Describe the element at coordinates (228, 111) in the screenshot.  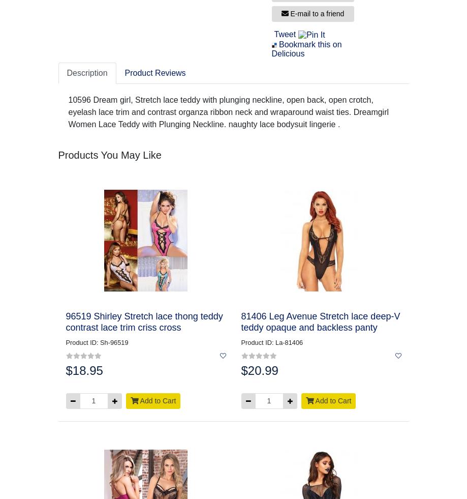
I see `'10596 Dream girl, Stretch lace teddy with plunging neckline, open back, open crotch, eyelash lace trim and contrast organza ribbon neck and wraparound waist ties. Dreamgirl Women Lace Teddy with Plunging Neckline. naughty lace bodysuit lingerie .'` at that location.